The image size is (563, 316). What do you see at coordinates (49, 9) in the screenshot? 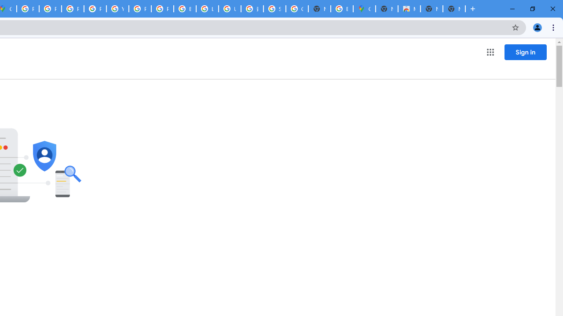
I see `'Privacy Help Center - Policies Help'` at bounding box center [49, 9].